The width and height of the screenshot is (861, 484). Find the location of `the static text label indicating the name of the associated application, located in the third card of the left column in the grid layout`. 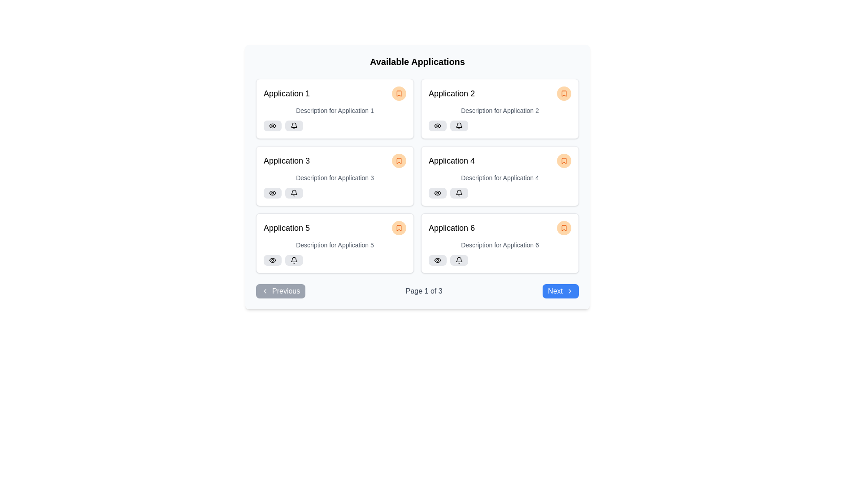

the static text label indicating the name of the associated application, located in the third card of the left column in the grid layout is located at coordinates (286, 160).